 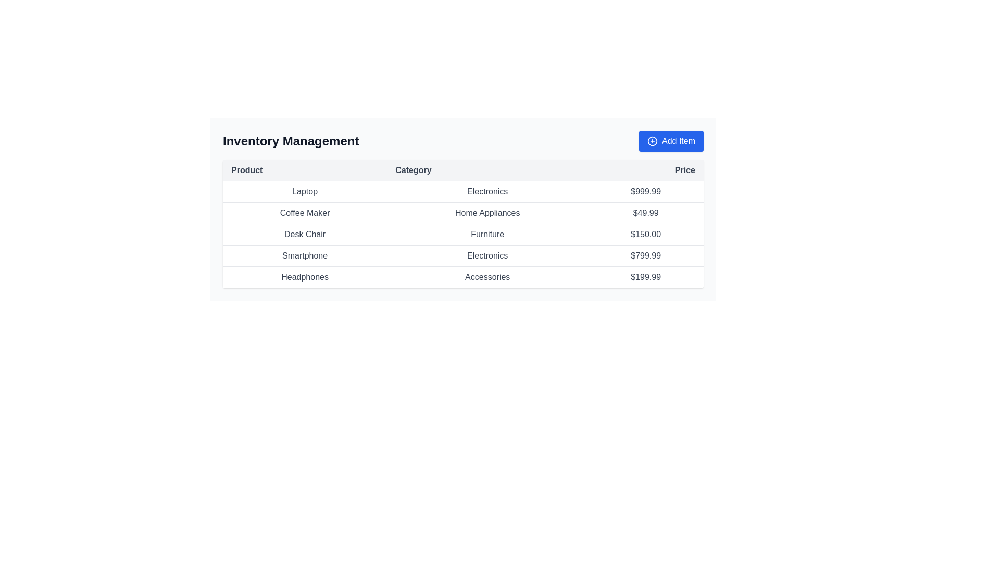 I want to click on the 'Add Item' button located in the top-right corner of the 'Inventory Management' interface to add a new item, so click(x=652, y=141).